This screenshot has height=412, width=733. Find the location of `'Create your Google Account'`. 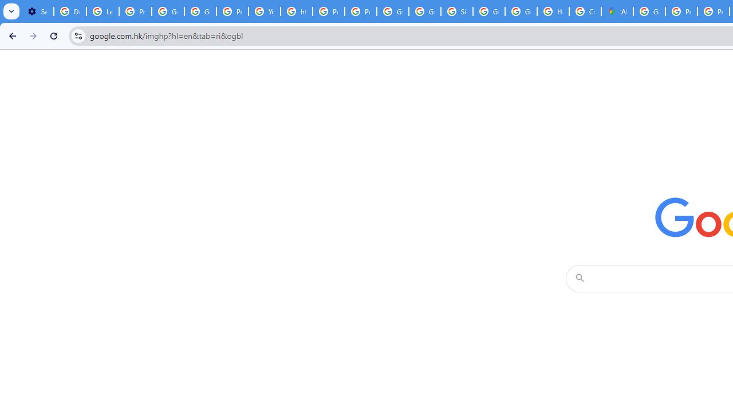

'Create your Google Account' is located at coordinates (585, 11).